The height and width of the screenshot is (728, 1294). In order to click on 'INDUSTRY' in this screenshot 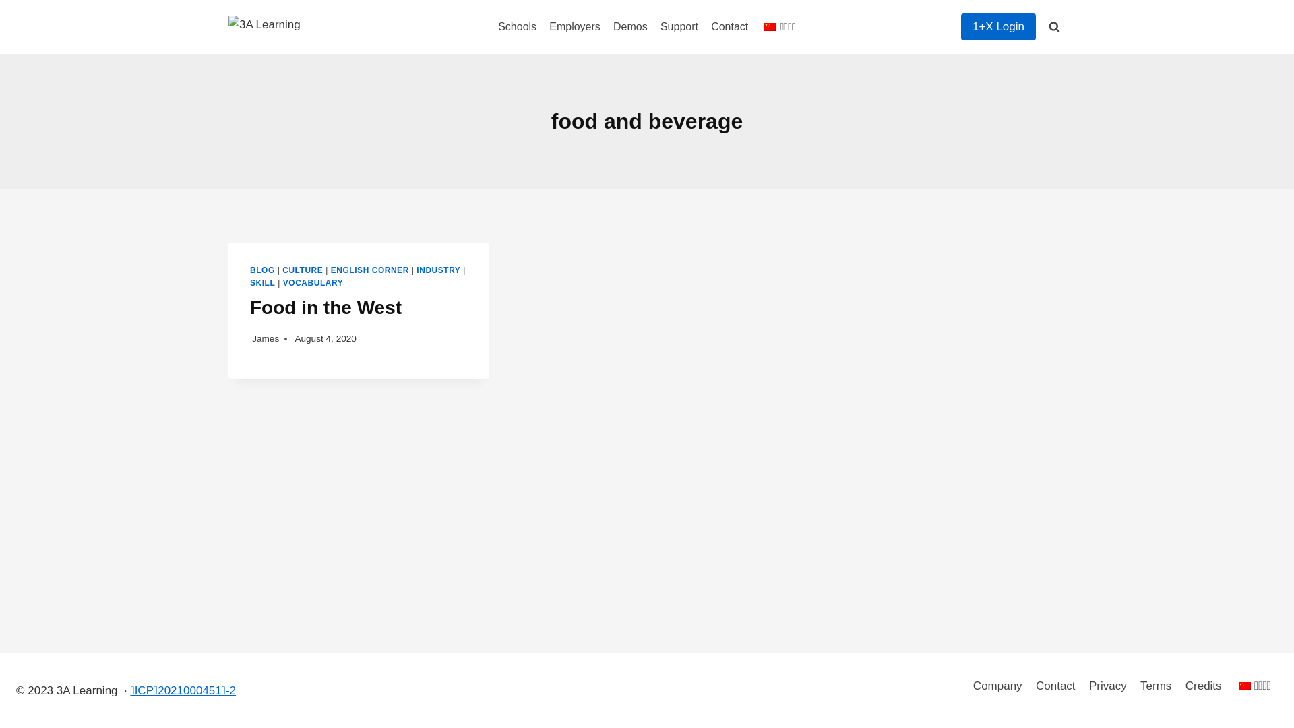, I will do `click(438, 270)`.